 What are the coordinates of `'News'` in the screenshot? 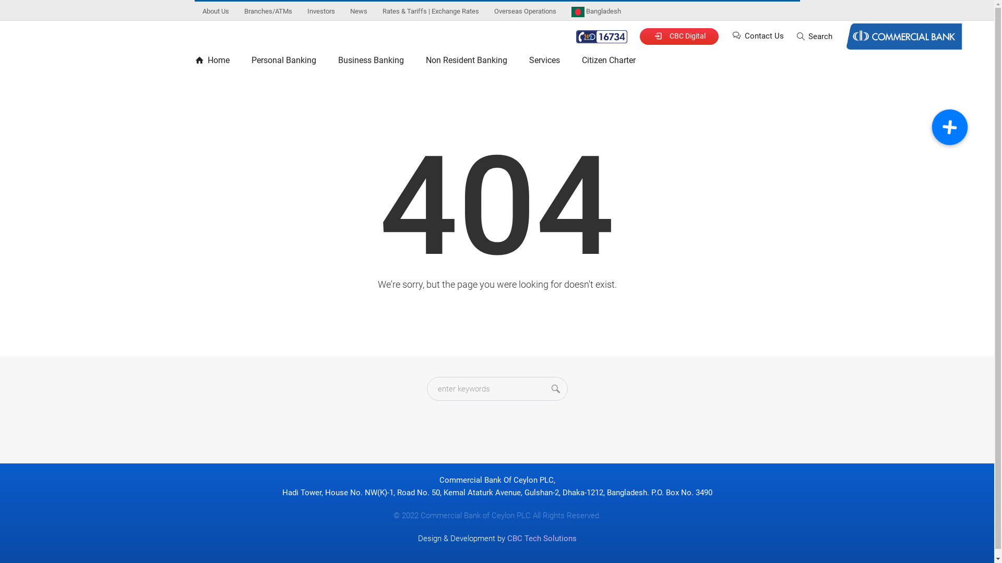 It's located at (358, 11).